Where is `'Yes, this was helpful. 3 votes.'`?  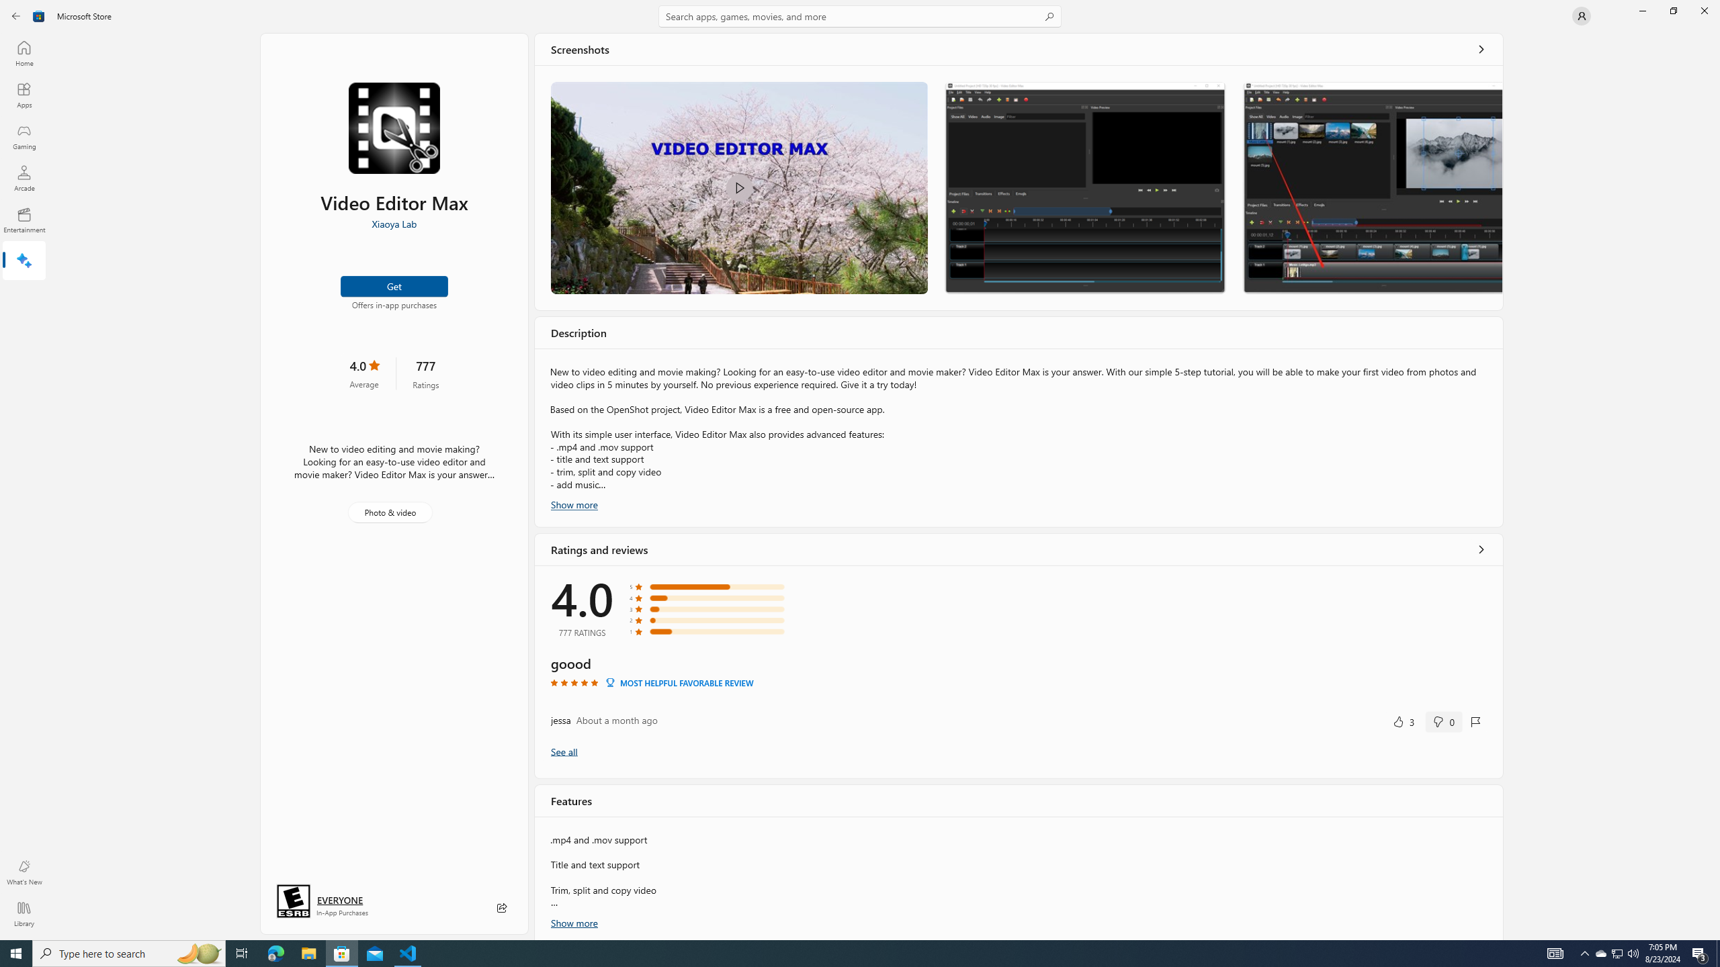
'Yes, this was helpful. 3 votes.' is located at coordinates (1402, 721).